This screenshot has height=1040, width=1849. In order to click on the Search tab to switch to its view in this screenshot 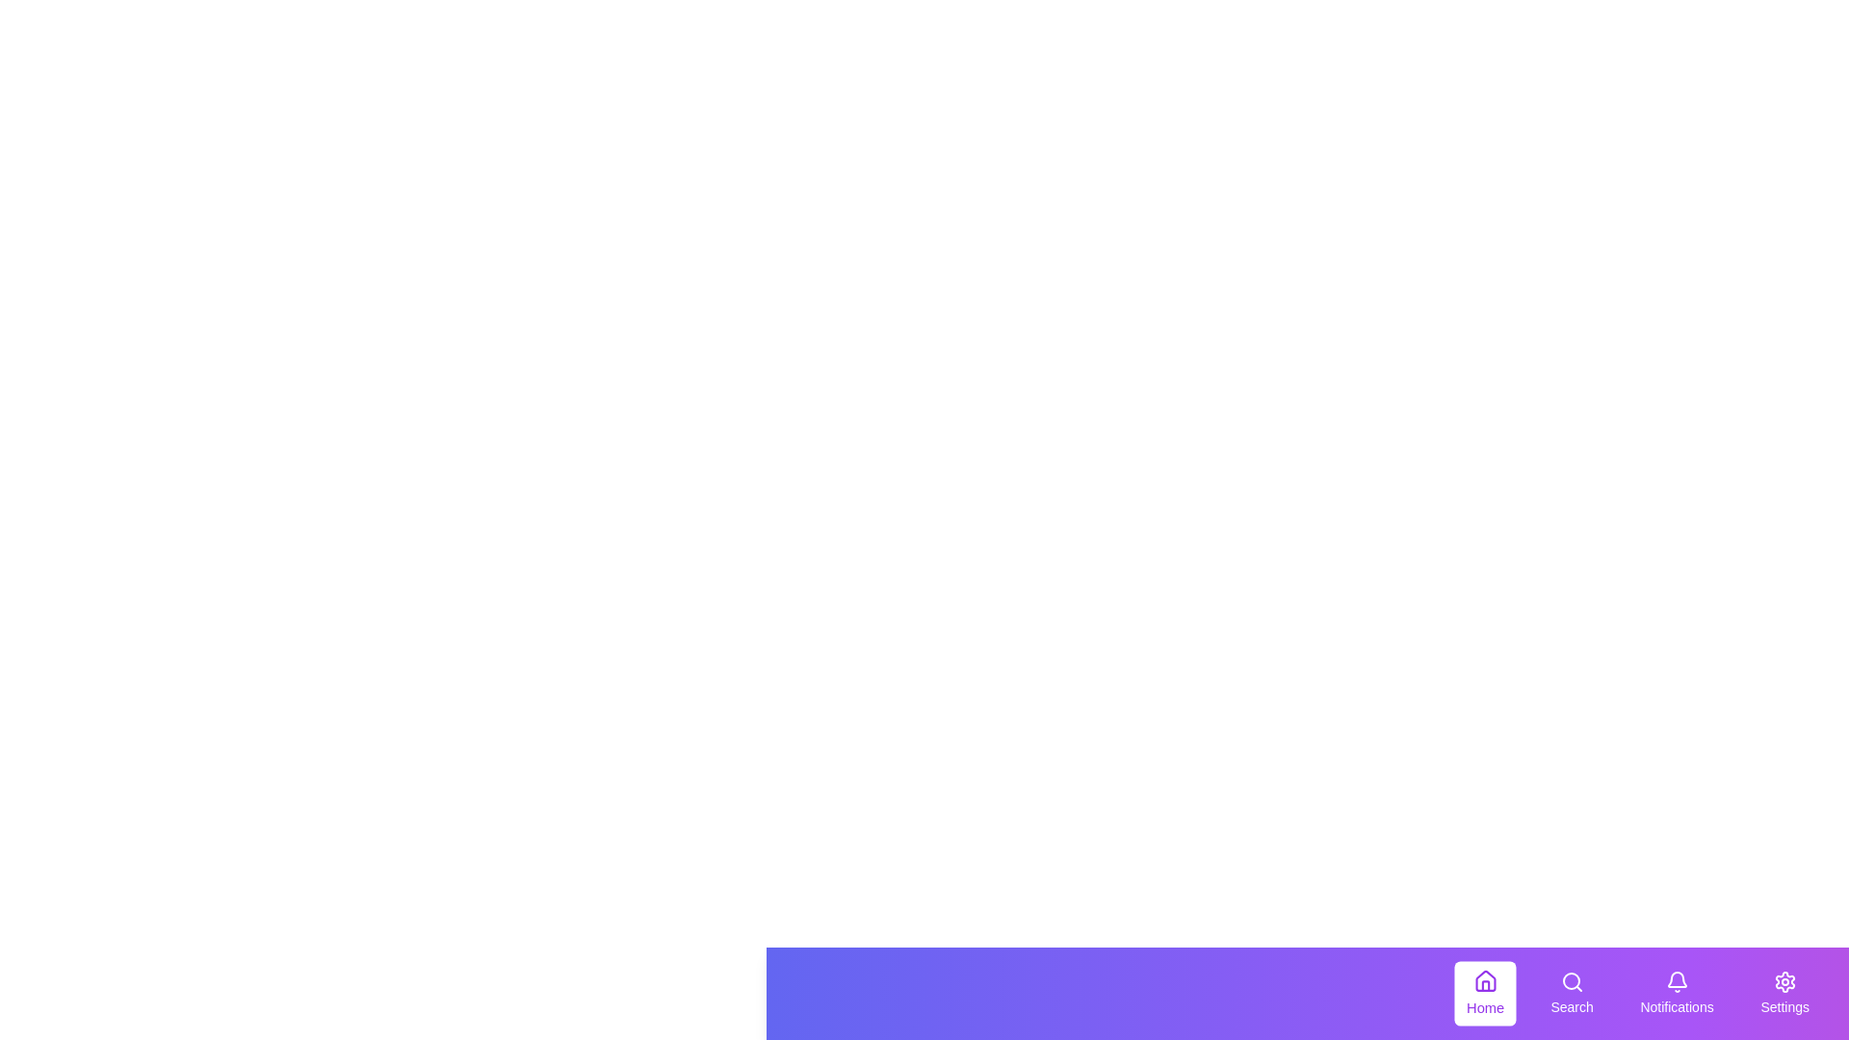, I will do `click(1572, 994)`.